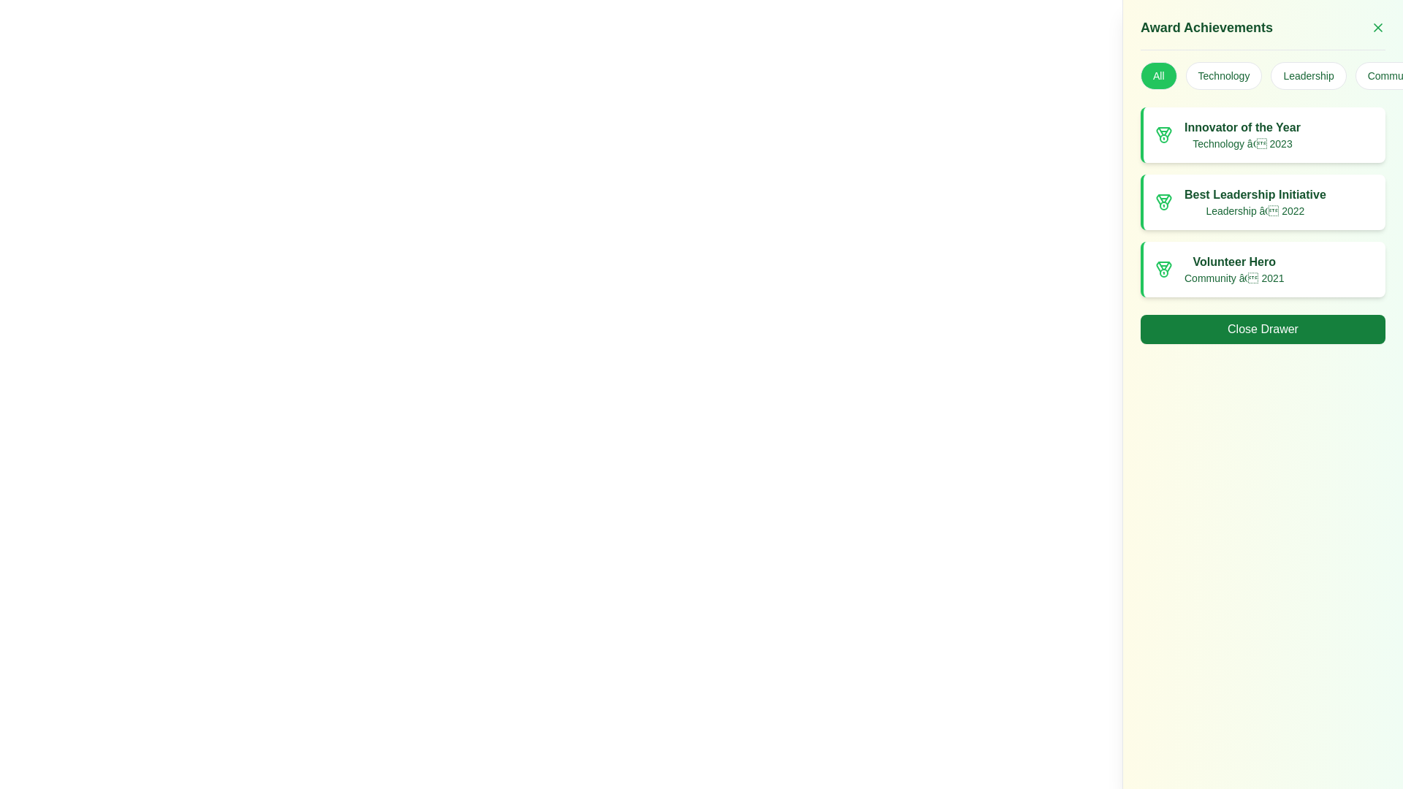 This screenshot has height=789, width=1403. What do you see at coordinates (1262, 33) in the screenshot?
I see `text header at the top of the right-side drawer panel indicating awards and achievements` at bounding box center [1262, 33].